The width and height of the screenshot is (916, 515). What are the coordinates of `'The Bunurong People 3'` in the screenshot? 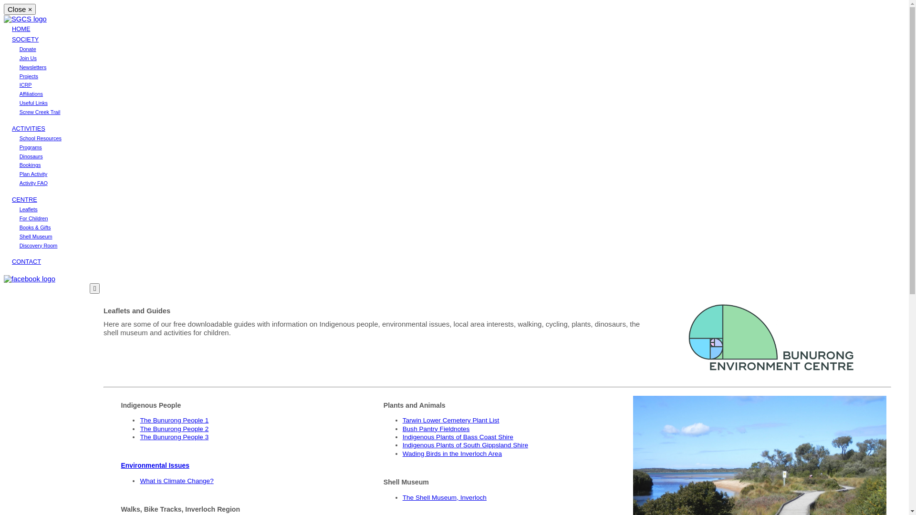 It's located at (174, 437).